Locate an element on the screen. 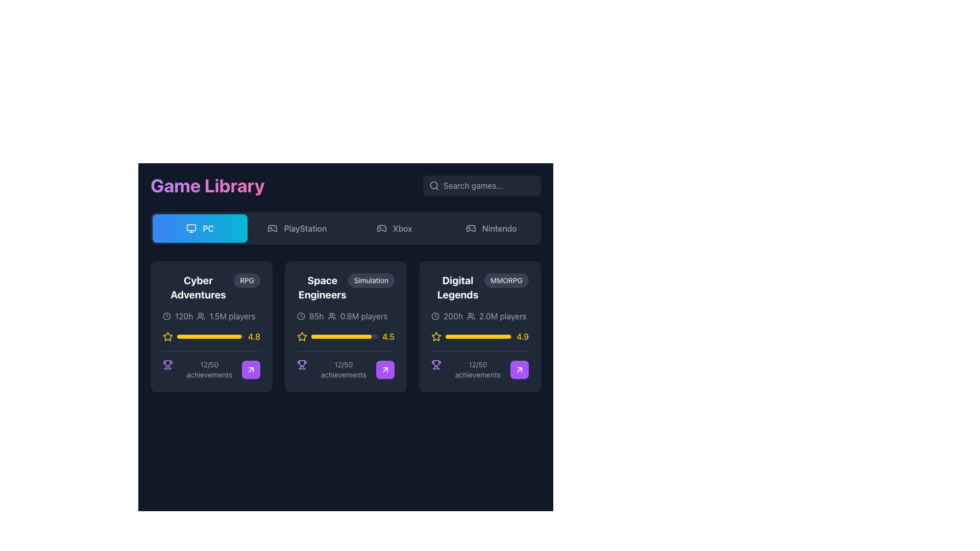 This screenshot has height=551, width=980. the achievement icon located to the left of the '12/50 achievements' text in the 'Space Engineers' card is located at coordinates (301, 364).